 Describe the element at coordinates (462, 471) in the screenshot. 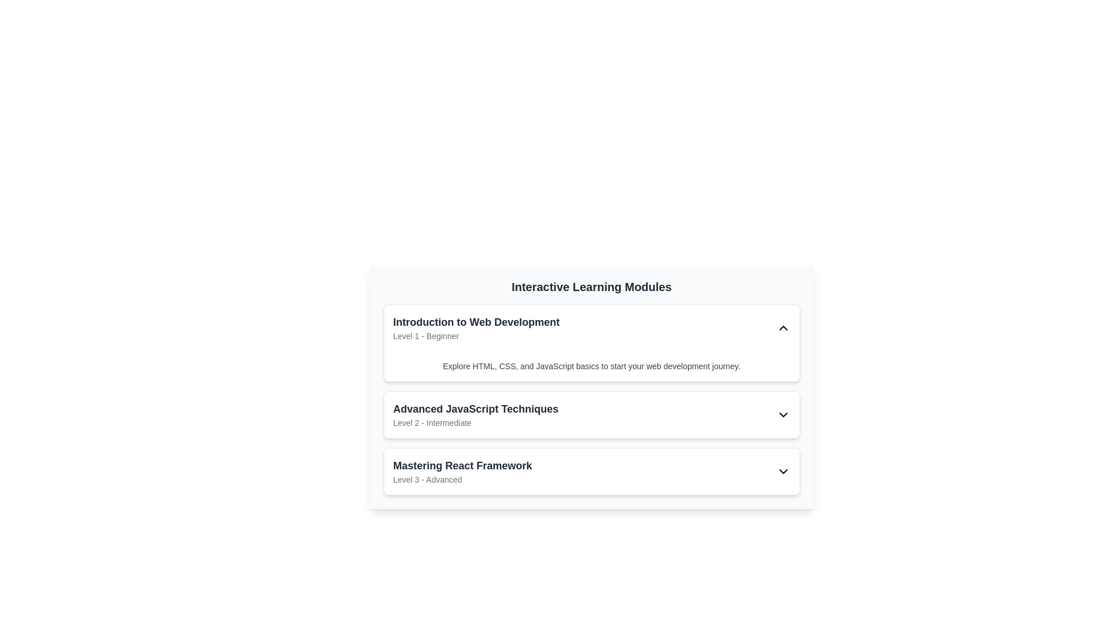

I see `the Text block displaying the title and difficulty level of the learning module, which is located in the lower section of the third card in the list of interactive learning modules` at that location.